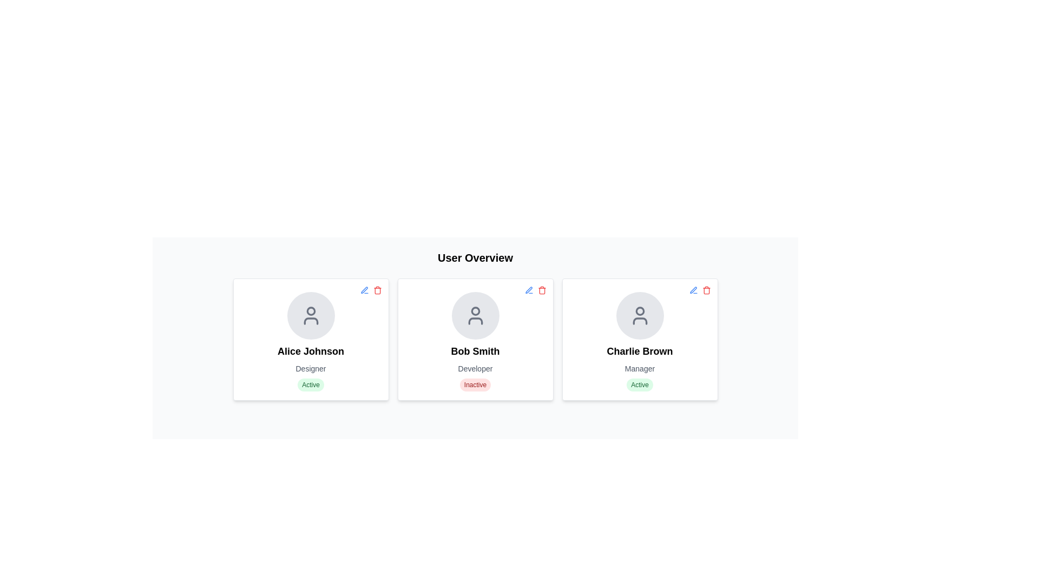 The height and width of the screenshot is (584, 1039). Describe the element at coordinates (529, 289) in the screenshot. I see `the pen icon element located in the top-right corner of the 'Bob Smith' user card, which serves as an interactive trigger for the edit functionality` at that location.